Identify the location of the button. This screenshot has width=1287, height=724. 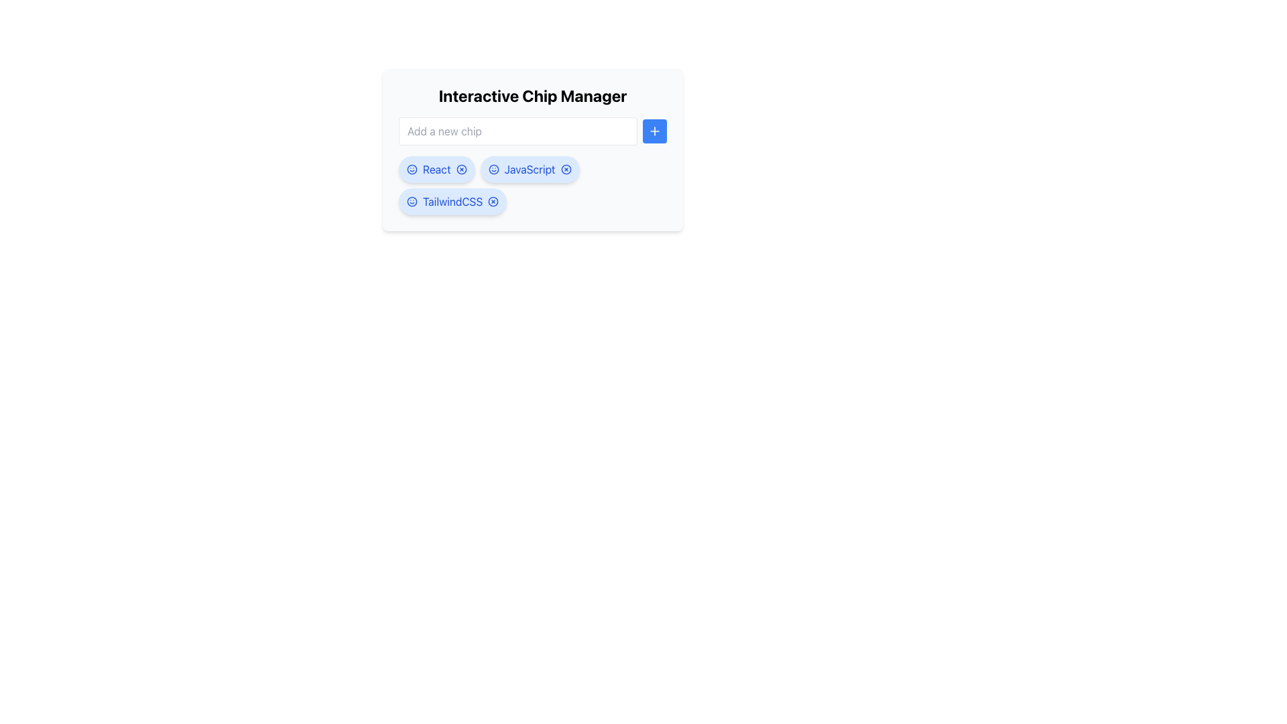
(461, 169).